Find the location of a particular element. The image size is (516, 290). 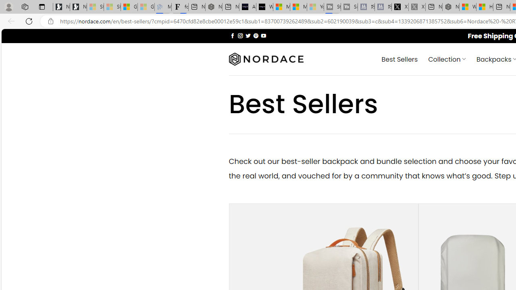

'Streaming Coverage | T3 - Sleeping' is located at coordinates (332, 7).